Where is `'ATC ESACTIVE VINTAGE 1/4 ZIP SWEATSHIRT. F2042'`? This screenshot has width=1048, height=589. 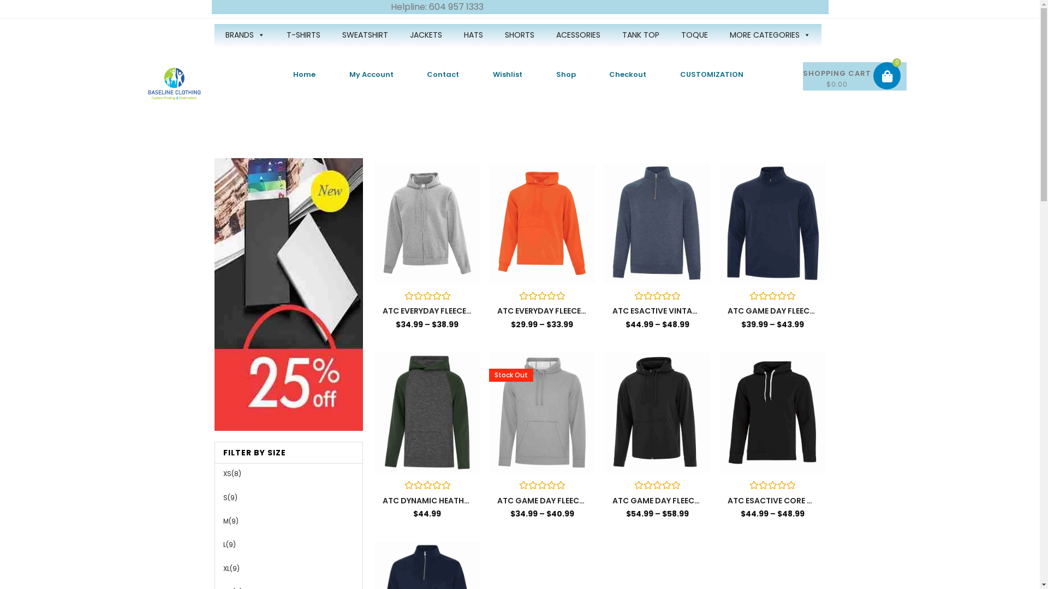
'ATC ESACTIVE VINTAGE 1/4 ZIP SWEATSHIRT. F2042' is located at coordinates (657, 311).